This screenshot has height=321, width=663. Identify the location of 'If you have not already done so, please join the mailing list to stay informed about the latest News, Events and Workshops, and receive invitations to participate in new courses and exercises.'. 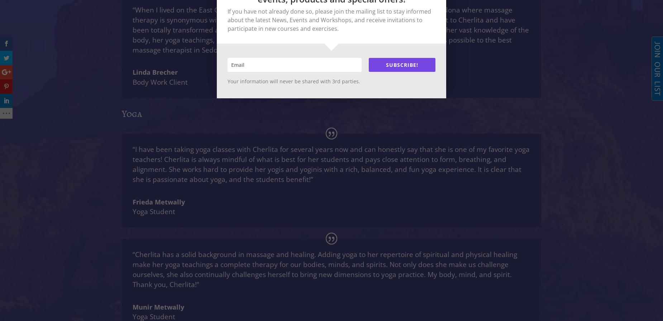
(329, 19).